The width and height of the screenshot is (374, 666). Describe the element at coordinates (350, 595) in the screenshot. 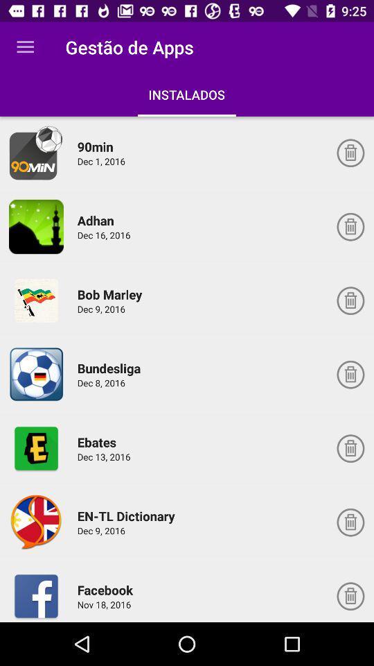

I see `uninstall application` at that location.